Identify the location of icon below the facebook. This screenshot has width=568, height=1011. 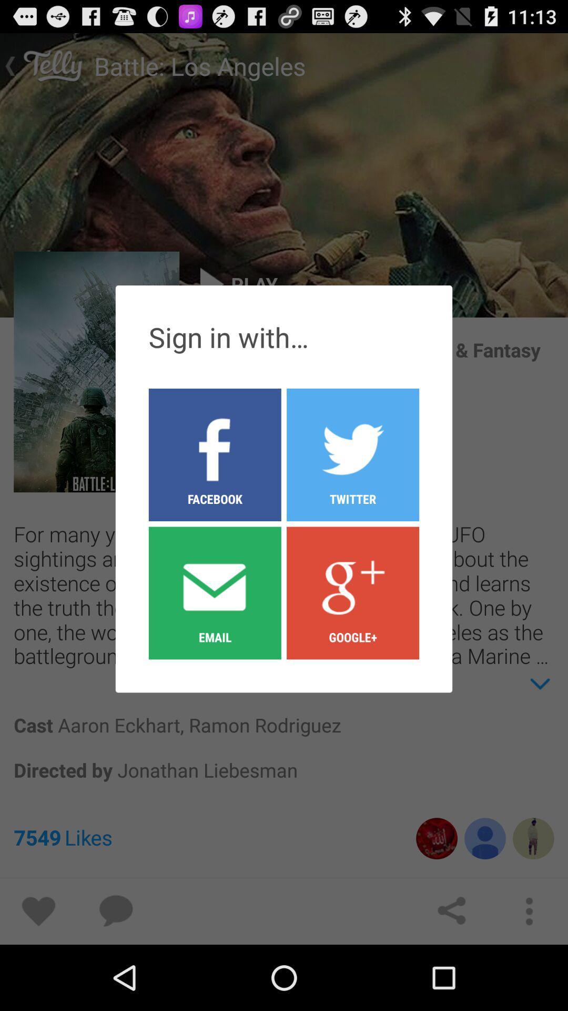
(353, 592).